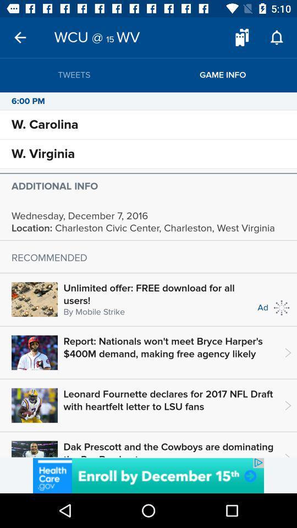 The image size is (297, 528). What do you see at coordinates (276, 37) in the screenshot?
I see `the notifications icon` at bounding box center [276, 37].